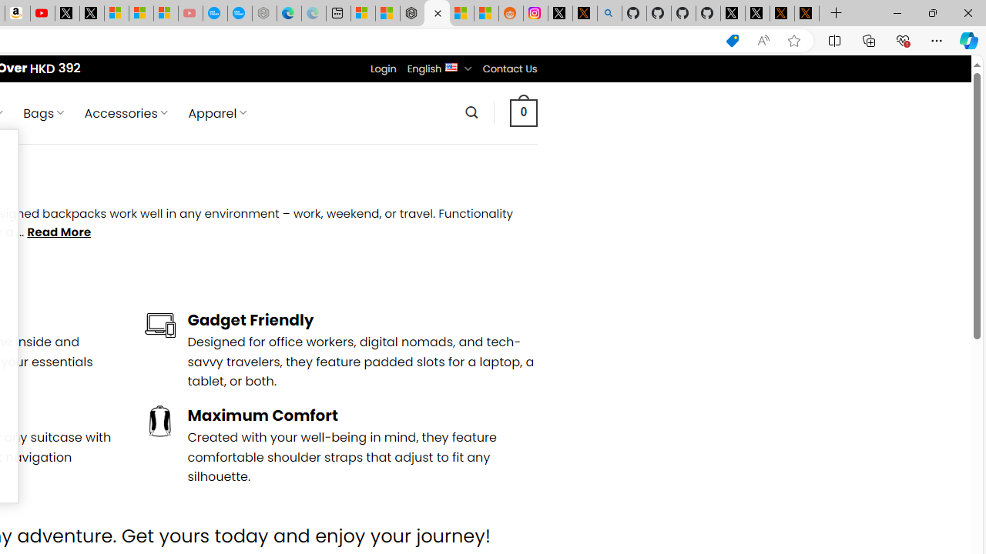 This screenshot has height=554, width=986. Describe the element at coordinates (383, 68) in the screenshot. I see `'Login'` at that location.